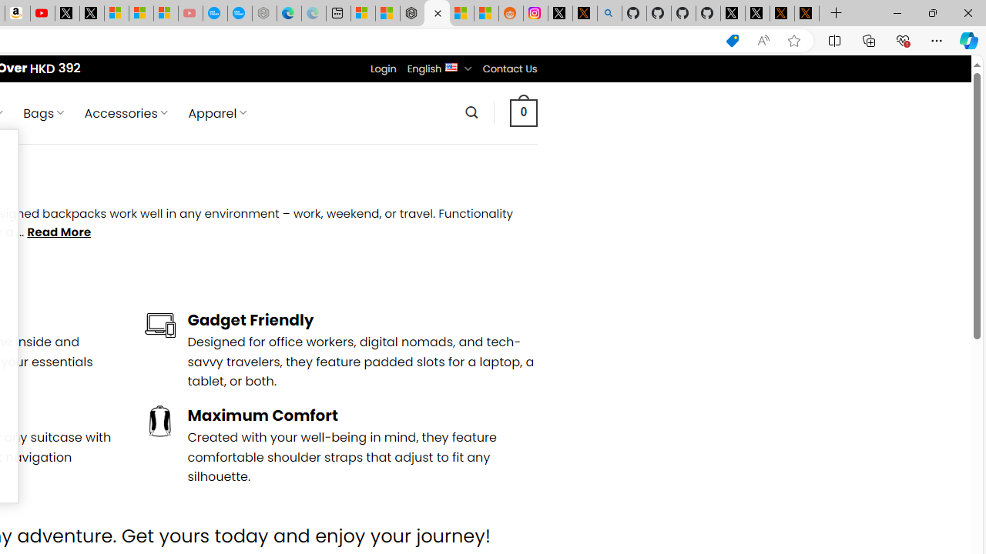 This screenshot has height=554, width=986. Describe the element at coordinates (383, 68) in the screenshot. I see `'Login'` at that location.